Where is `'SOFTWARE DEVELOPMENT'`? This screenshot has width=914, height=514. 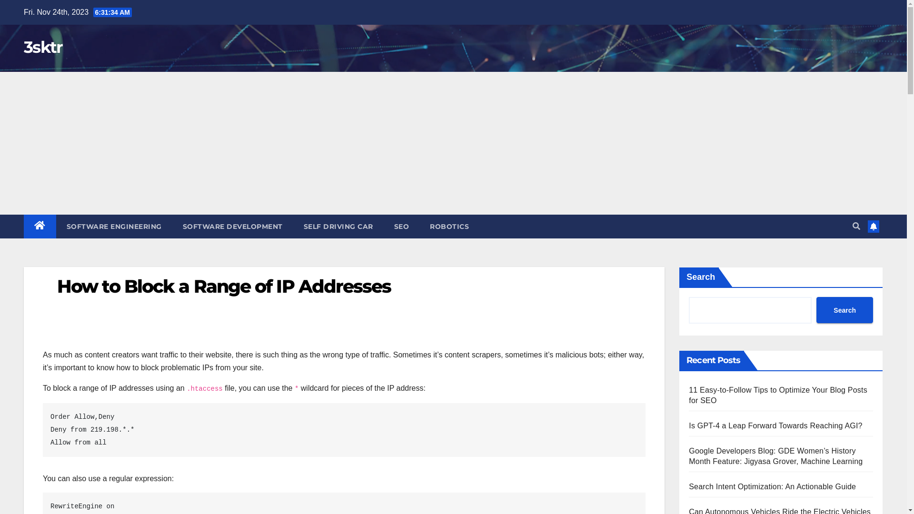
'SOFTWARE DEVELOPMENT' is located at coordinates (233, 226).